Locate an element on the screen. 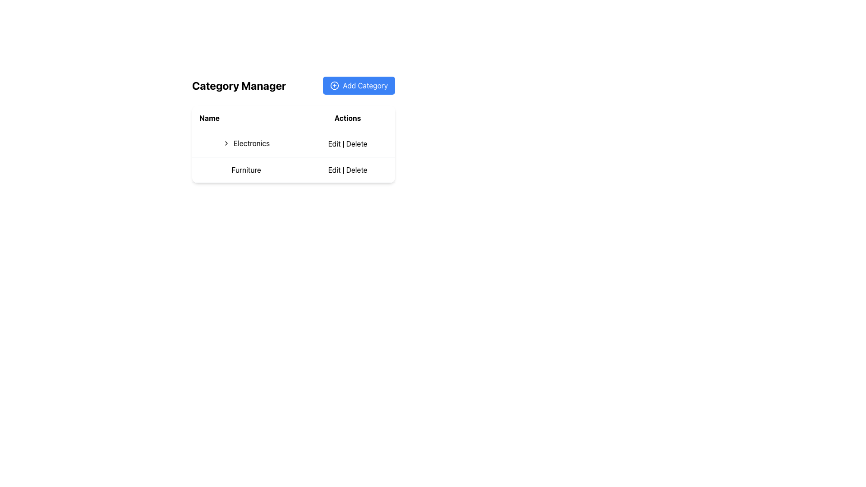 Image resolution: width=866 pixels, height=487 pixels. the icon representing the 'Add Category' button is located at coordinates (334, 85).